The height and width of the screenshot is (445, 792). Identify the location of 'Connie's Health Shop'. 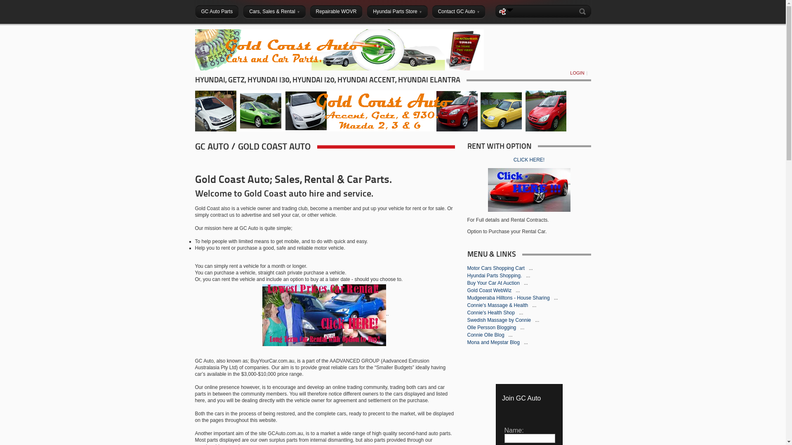
(491, 313).